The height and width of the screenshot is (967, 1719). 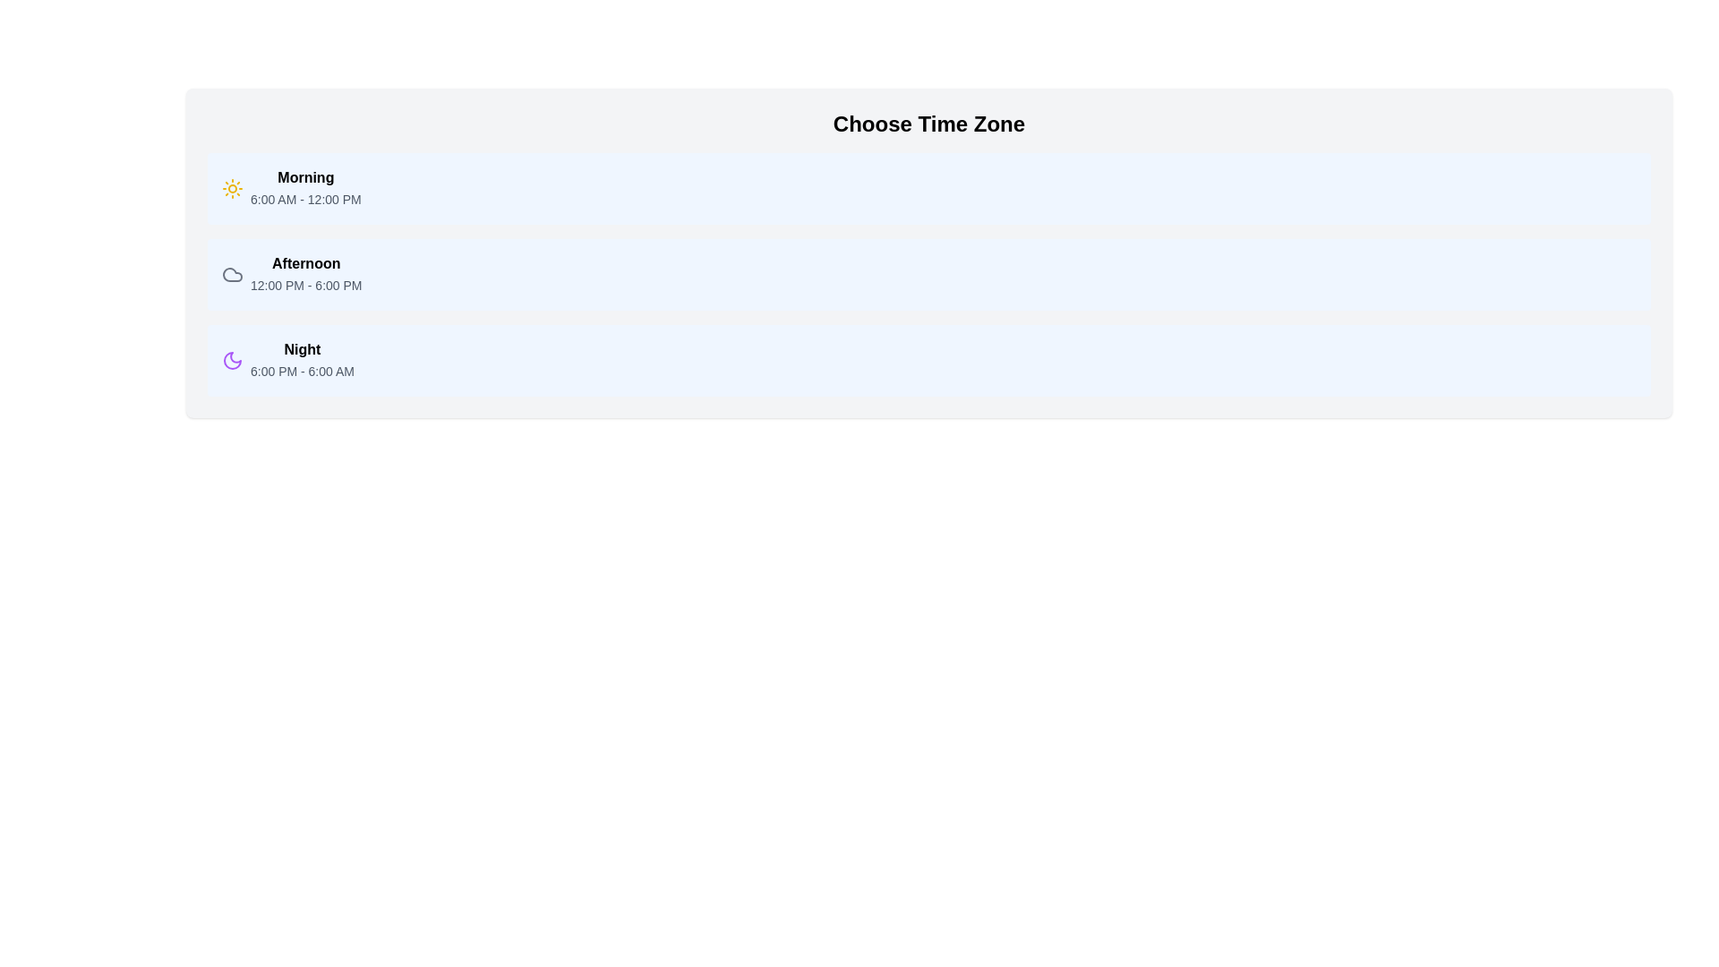 I want to click on the Text Label that clarifies the time range for 'Morning', positioned directly below the 'Morning' label and aligned with the morning icon, so click(x=305, y=200).